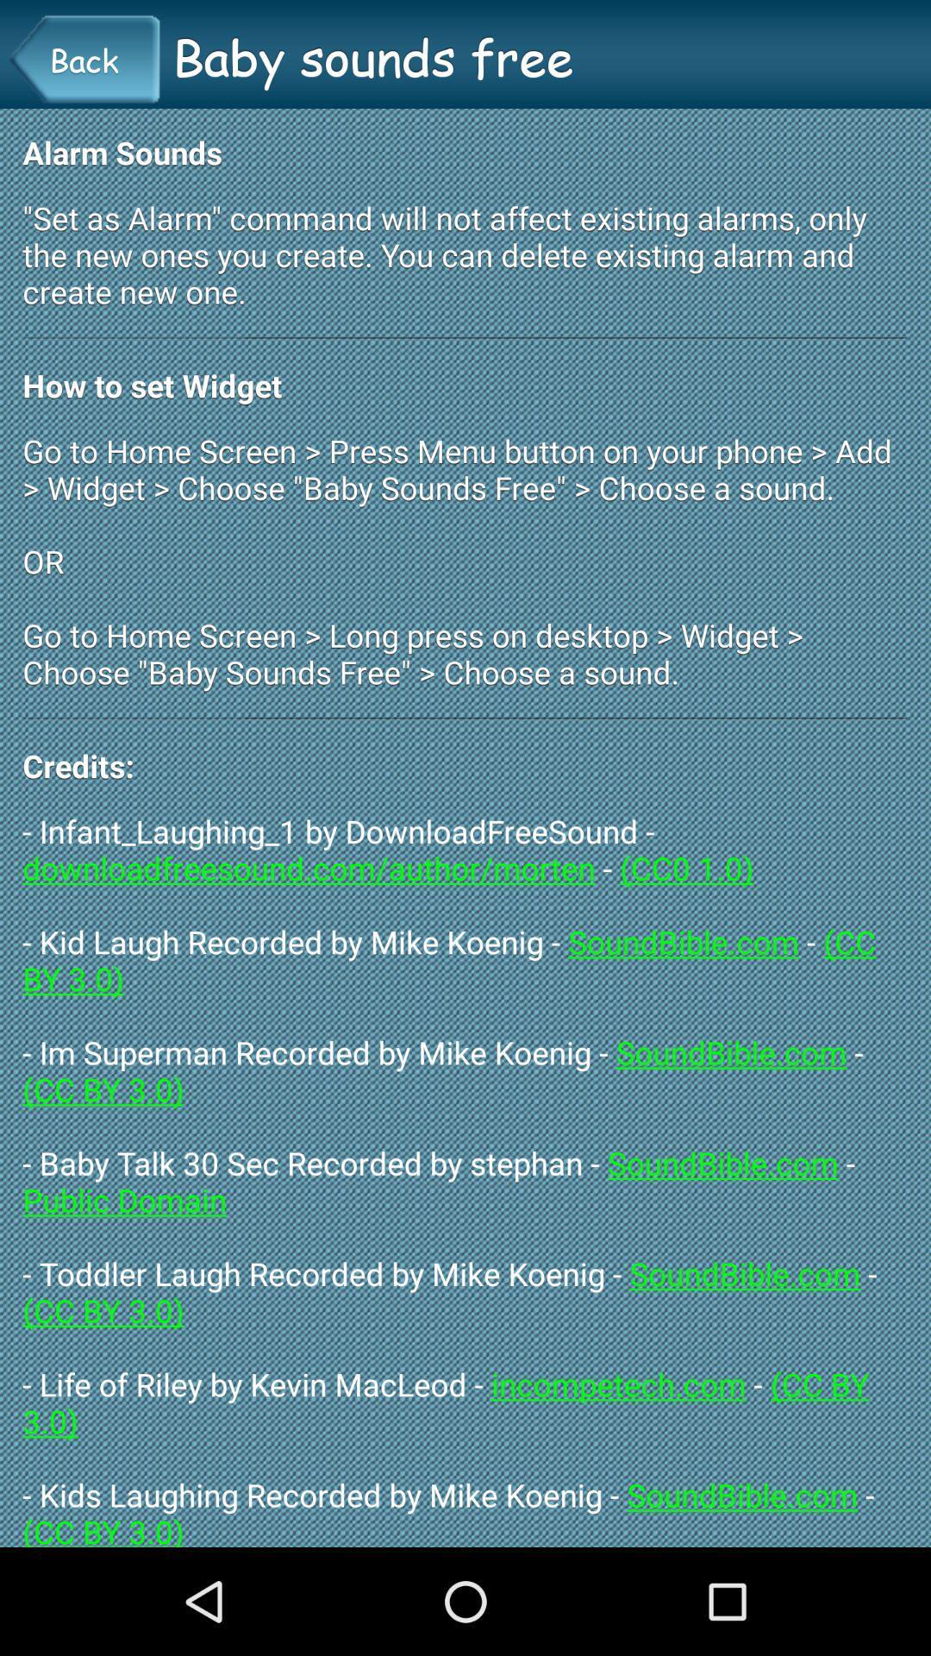  I want to click on back at the top left corner, so click(84, 60).